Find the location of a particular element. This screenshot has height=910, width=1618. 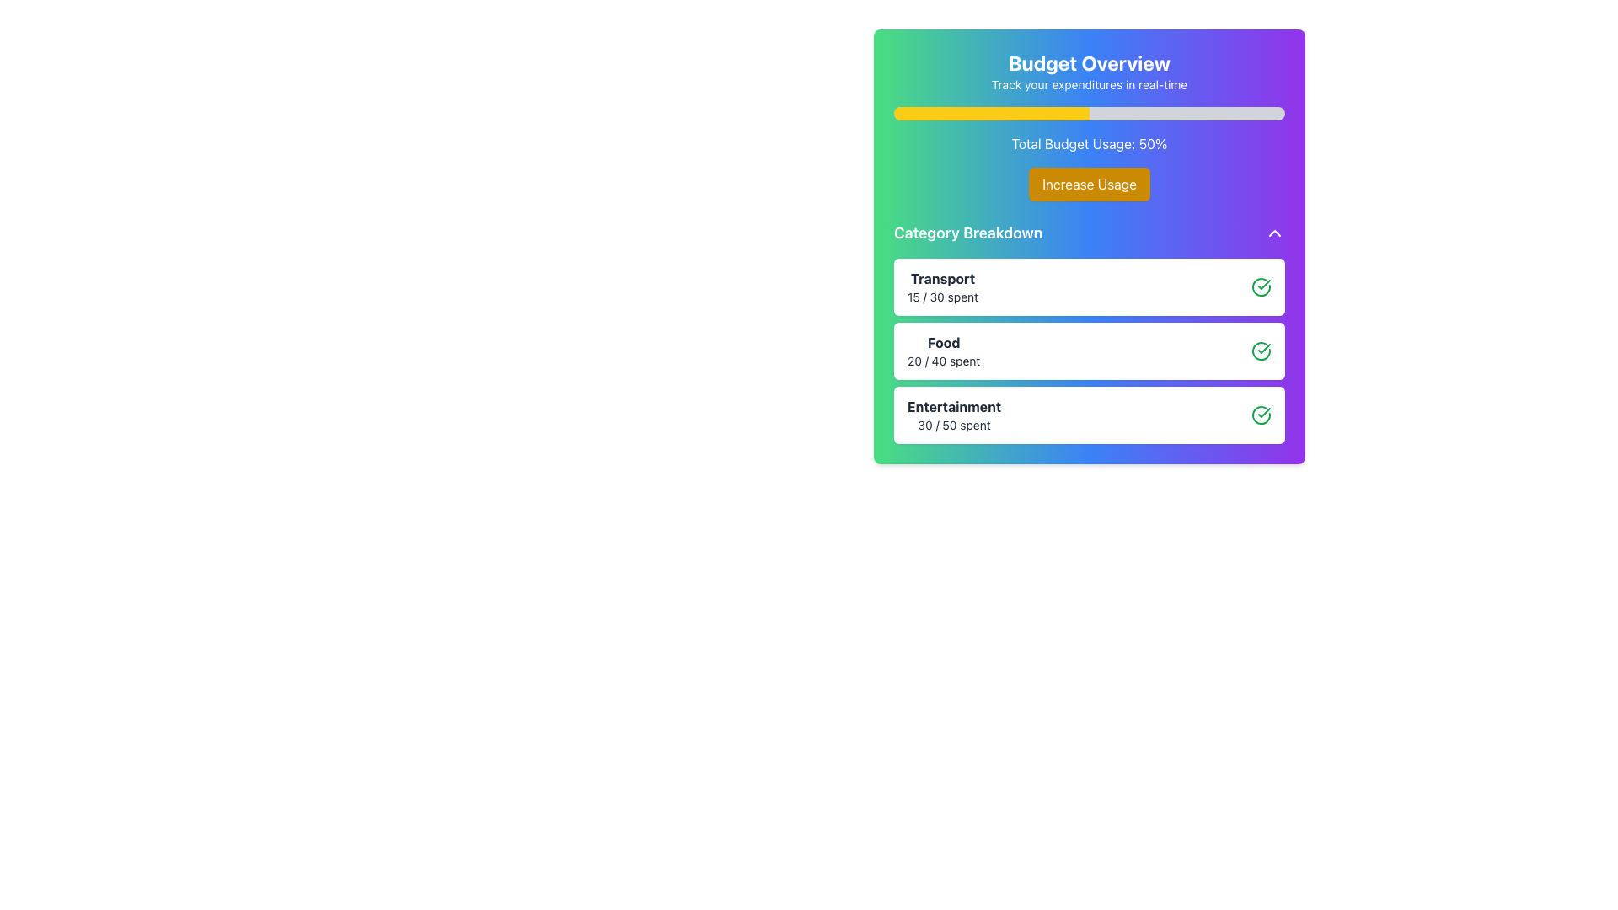

the visual indicator icon located in the lower-right corner of the 'Entertainment' category box, which confirms the status of the expenditure goal is located at coordinates (1262, 415).